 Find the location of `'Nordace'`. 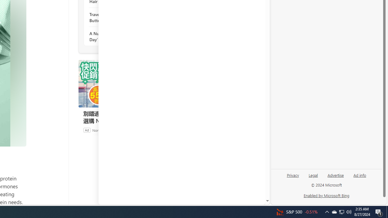

'Nordace' is located at coordinates (99, 130).